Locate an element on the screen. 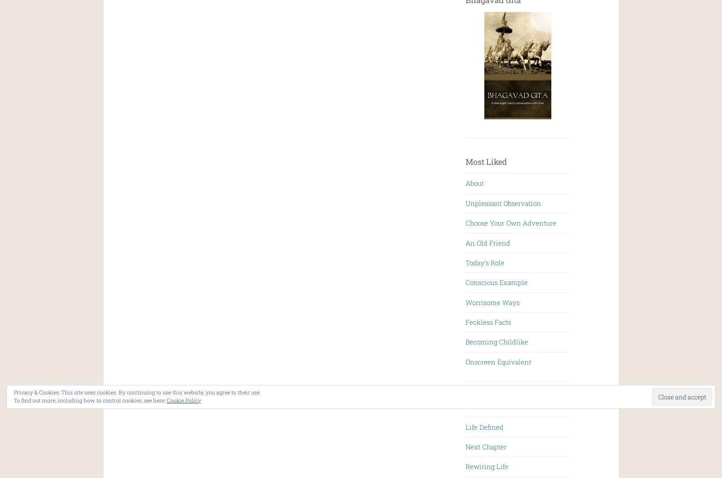 The width and height of the screenshot is (722, 478). 'Most Liked' is located at coordinates (486, 161).